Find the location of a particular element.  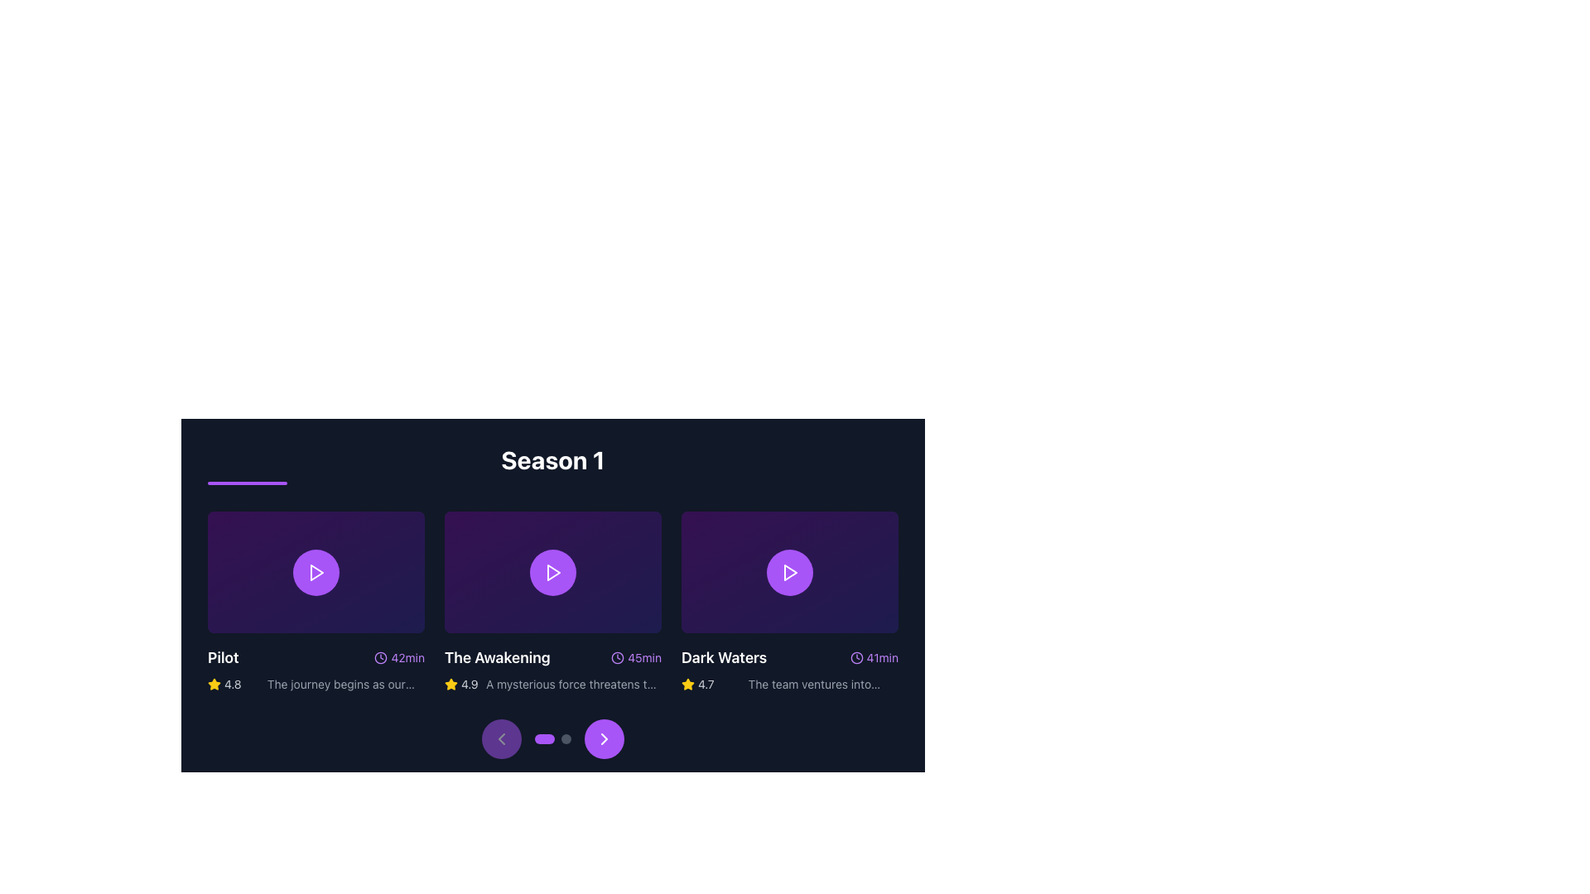

the left-pointing arrow icon inside the circular button in the navigation section below the 'Season 1' section title is located at coordinates (500, 738).